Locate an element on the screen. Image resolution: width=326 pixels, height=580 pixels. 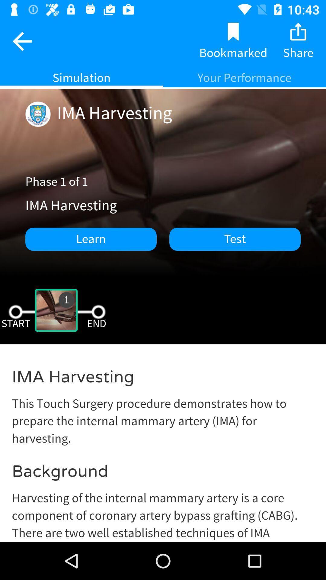
advertisement is located at coordinates (163, 448).